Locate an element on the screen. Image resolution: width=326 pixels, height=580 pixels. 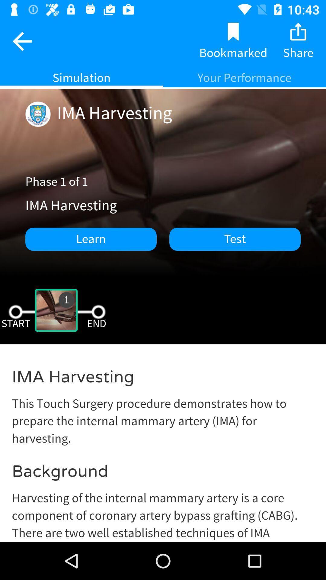
advertisement is located at coordinates (163, 448).